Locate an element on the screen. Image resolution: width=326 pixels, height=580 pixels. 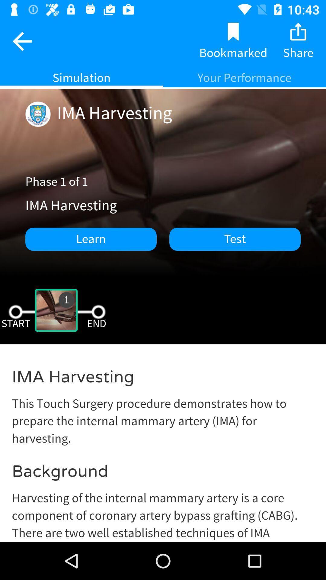
advertisement is located at coordinates (163, 448).